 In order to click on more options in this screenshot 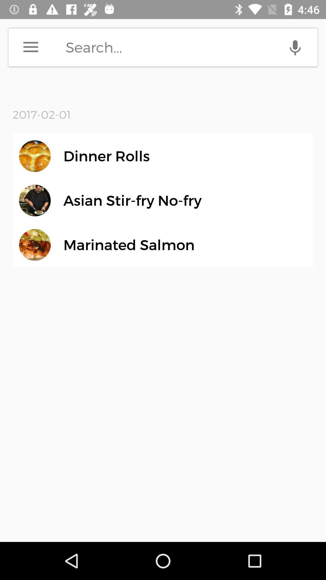, I will do `click(30, 47)`.